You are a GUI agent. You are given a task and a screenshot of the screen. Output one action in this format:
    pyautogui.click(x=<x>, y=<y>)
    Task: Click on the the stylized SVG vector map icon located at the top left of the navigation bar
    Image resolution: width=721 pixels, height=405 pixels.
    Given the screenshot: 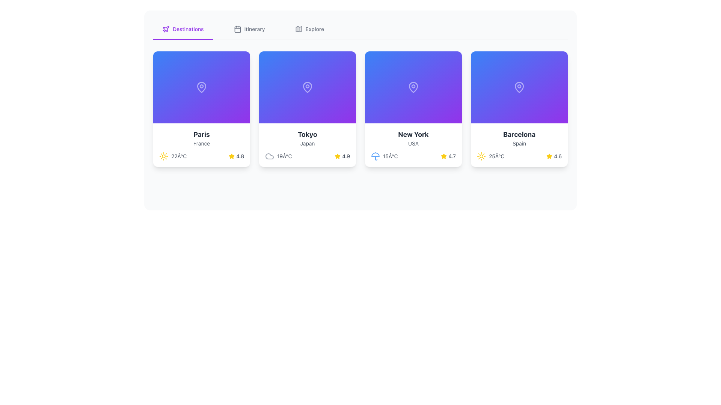 What is the action you would take?
    pyautogui.click(x=298, y=28)
    